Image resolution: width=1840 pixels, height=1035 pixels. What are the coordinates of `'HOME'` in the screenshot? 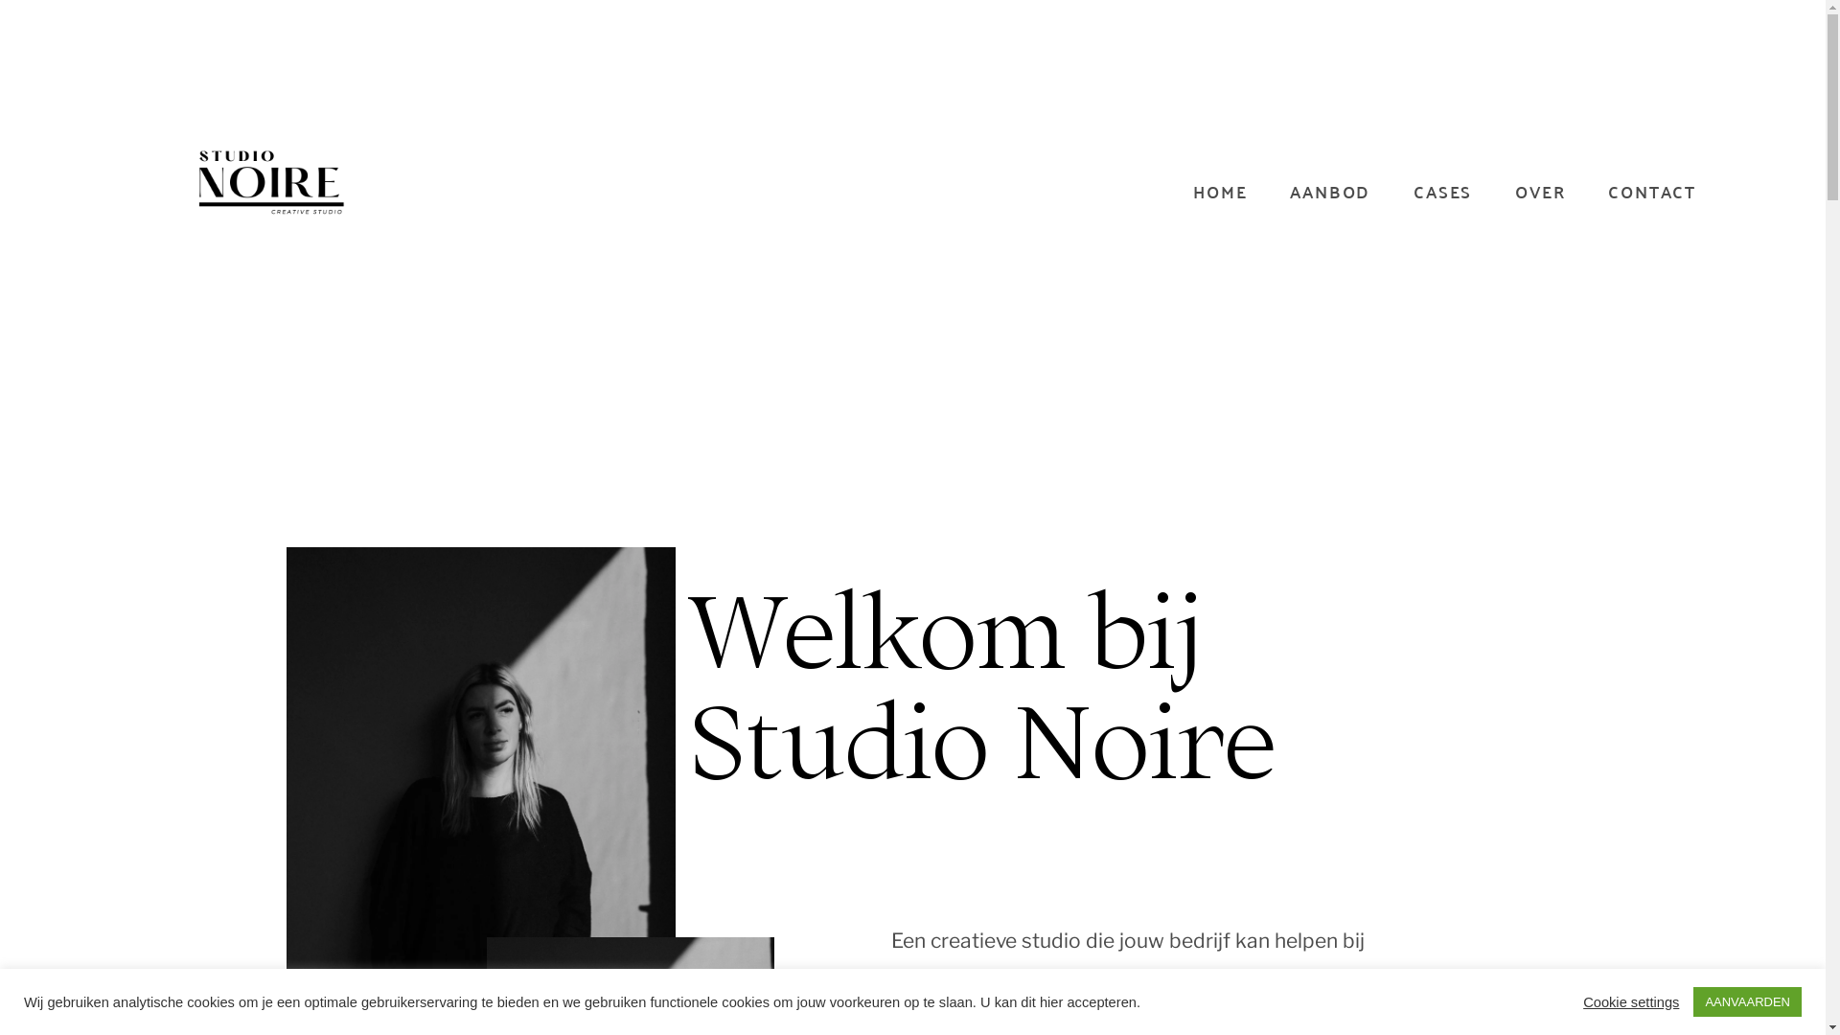 It's located at (1191, 192).